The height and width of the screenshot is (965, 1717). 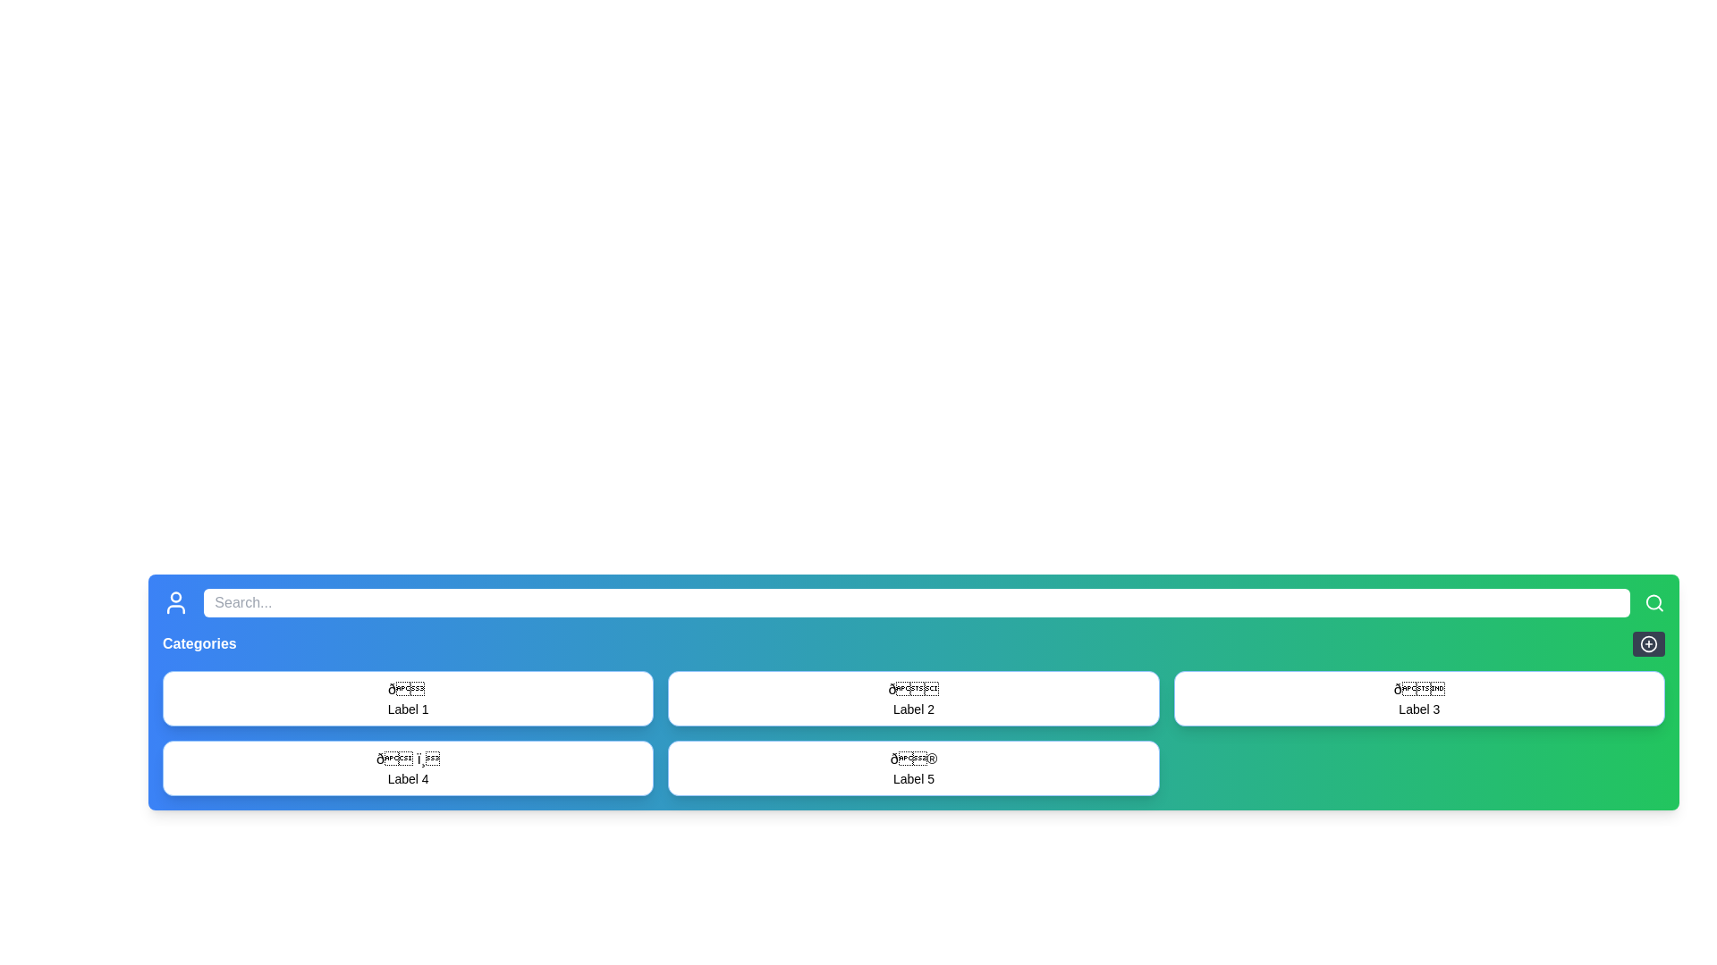 I want to click on the header bar with interactive controls that has a gradient background and includes a 'Categories' label and a plus icon button, located at the specified coordinates, so click(x=914, y=644).